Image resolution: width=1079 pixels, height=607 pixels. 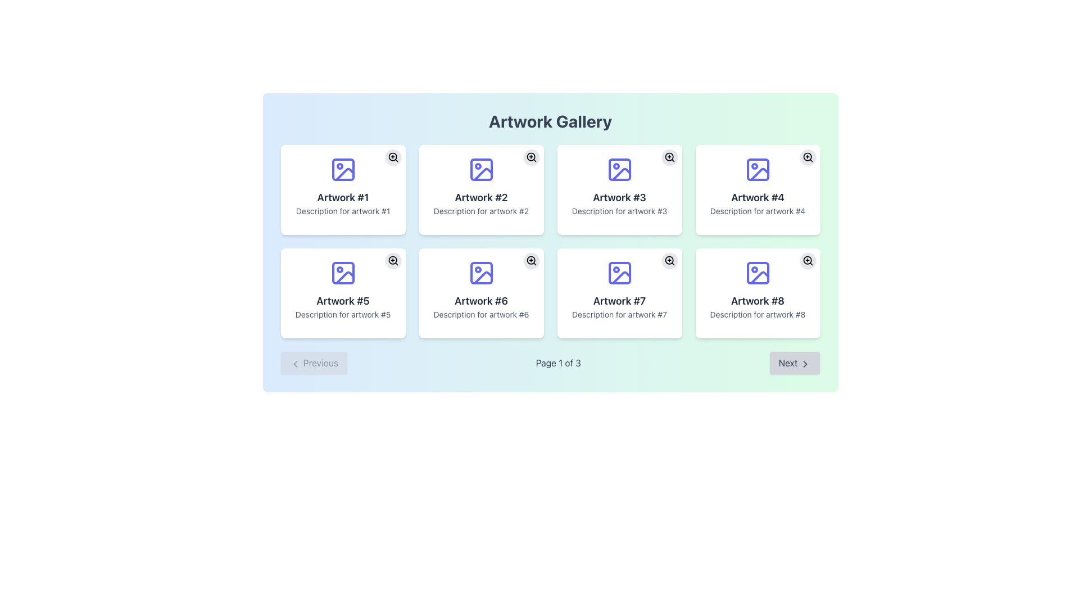 What do you see at coordinates (550, 121) in the screenshot?
I see `the static heading component displaying 'Artwork Gallery', which is a bold, large text centered at the top of the gallery interface` at bounding box center [550, 121].